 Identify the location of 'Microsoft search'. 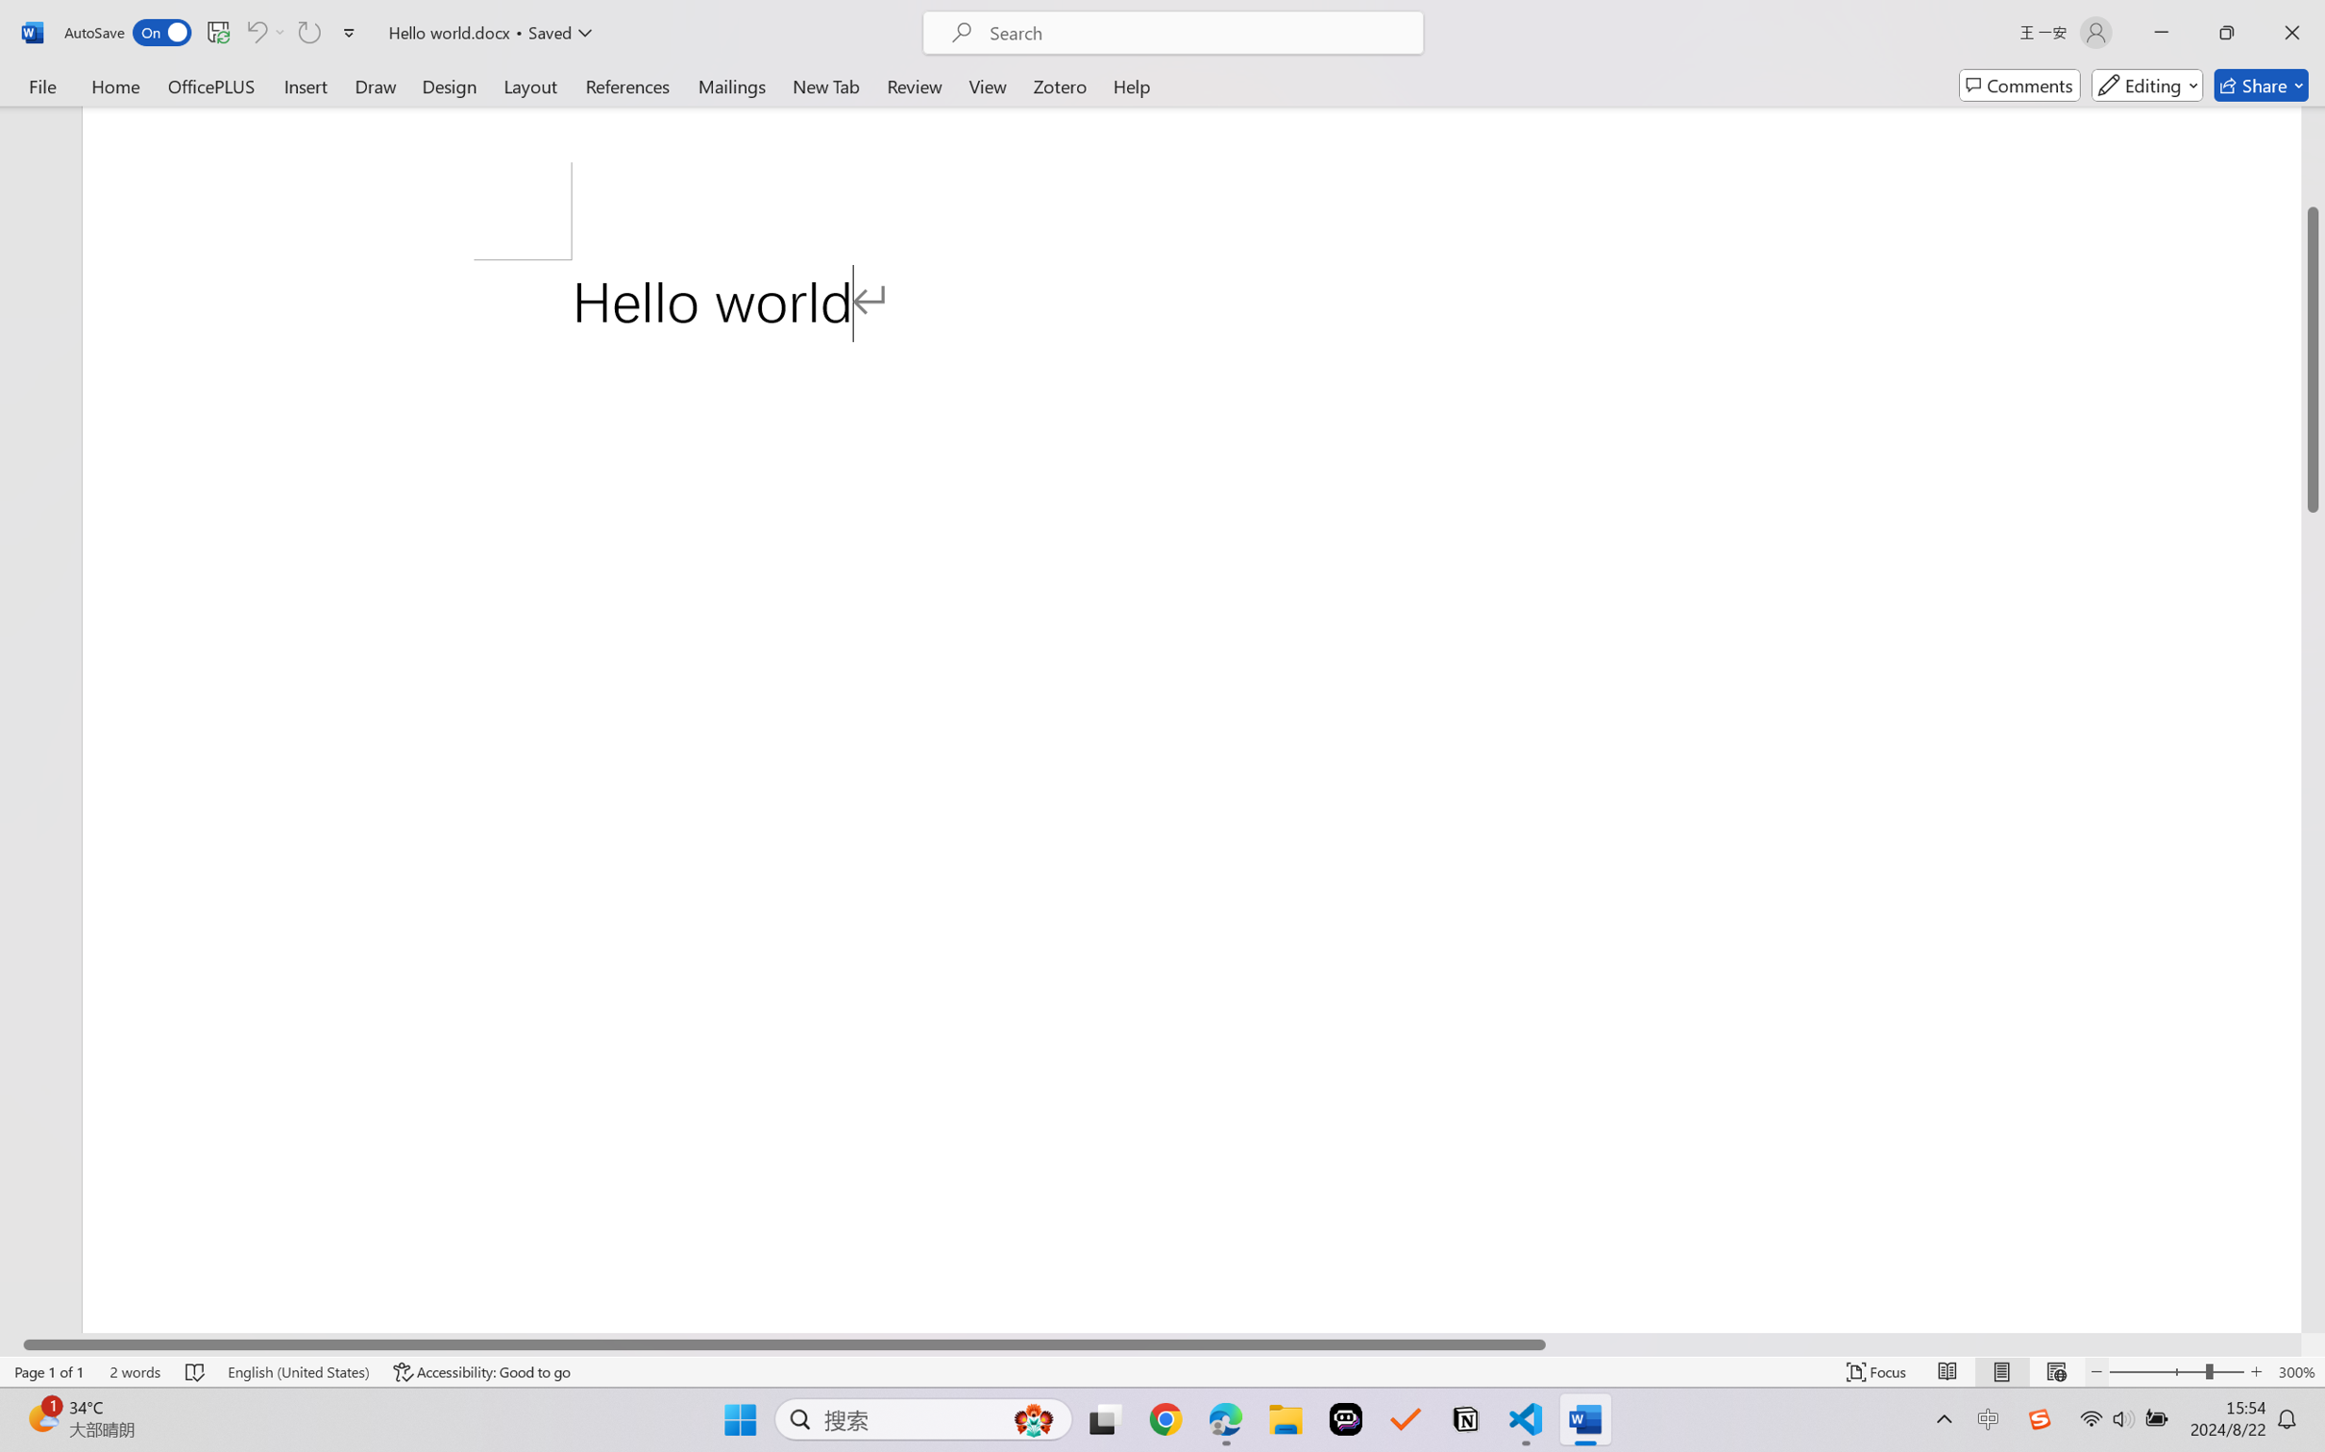
(1197, 32).